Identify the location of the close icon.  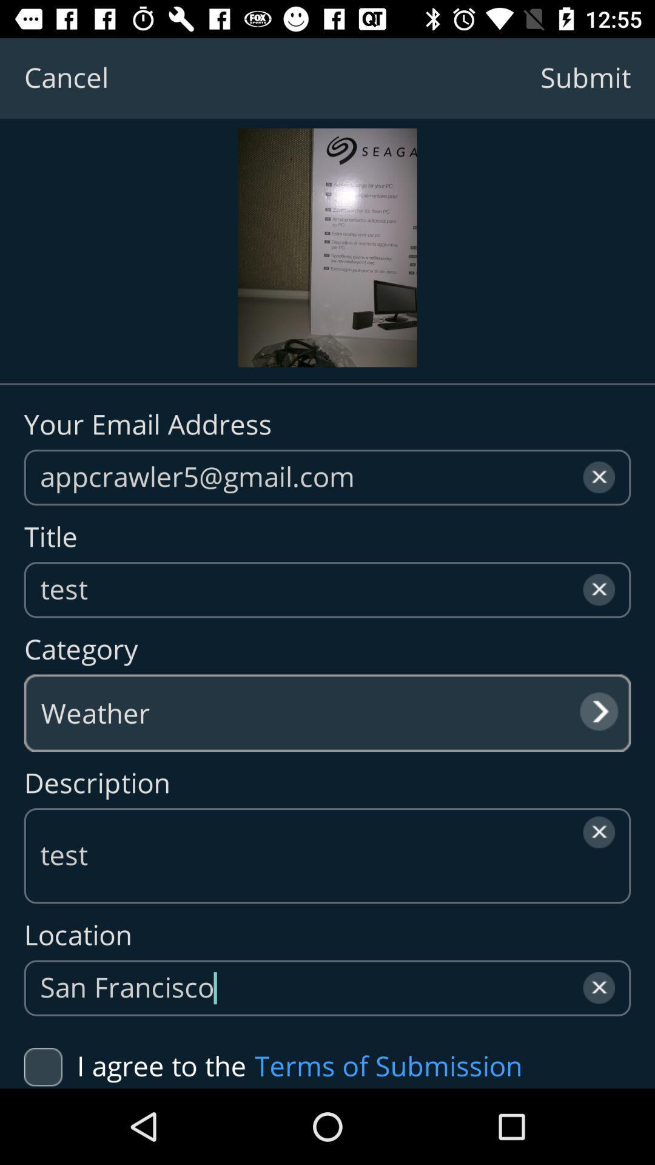
(598, 831).